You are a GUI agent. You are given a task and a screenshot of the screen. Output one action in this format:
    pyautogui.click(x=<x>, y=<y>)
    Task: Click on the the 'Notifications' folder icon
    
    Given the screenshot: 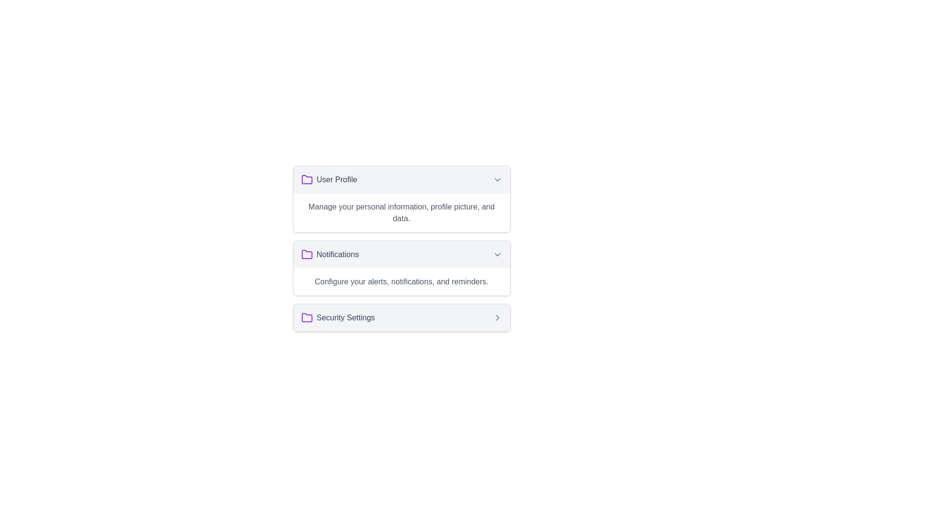 What is the action you would take?
    pyautogui.click(x=306, y=254)
    